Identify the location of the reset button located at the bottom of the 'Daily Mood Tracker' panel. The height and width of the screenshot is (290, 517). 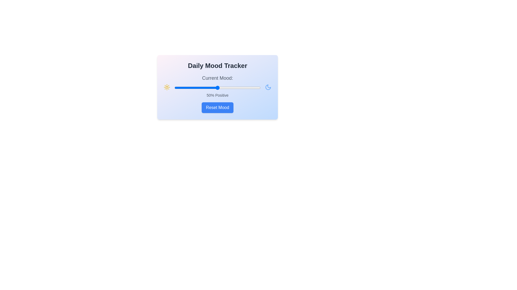
(217, 108).